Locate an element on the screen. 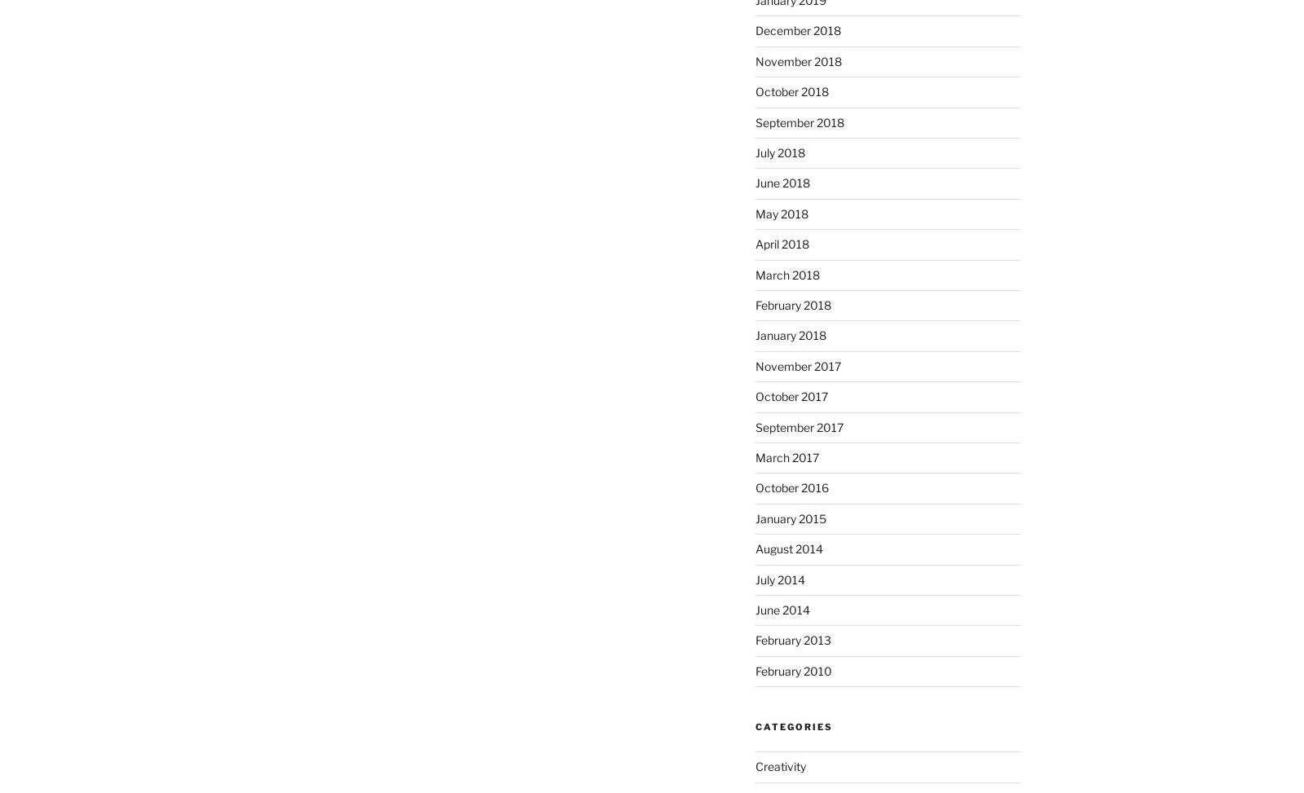  'July 2018' is located at coordinates (778, 152).